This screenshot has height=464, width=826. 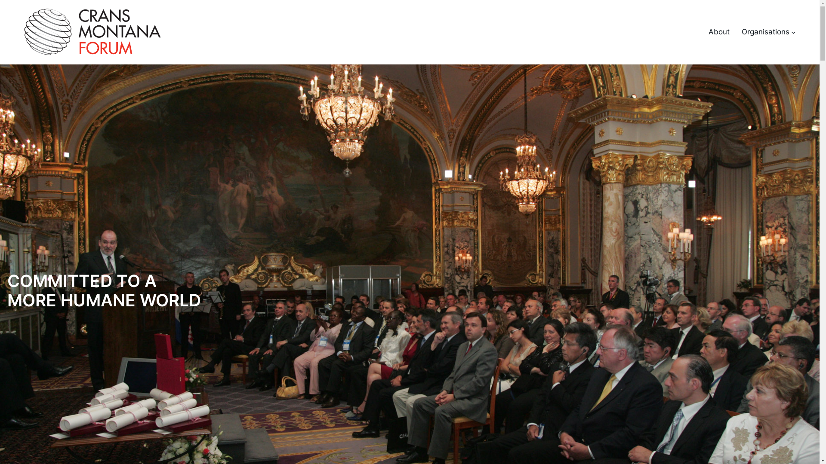 I want to click on 'About', so click(x=719, y=31).